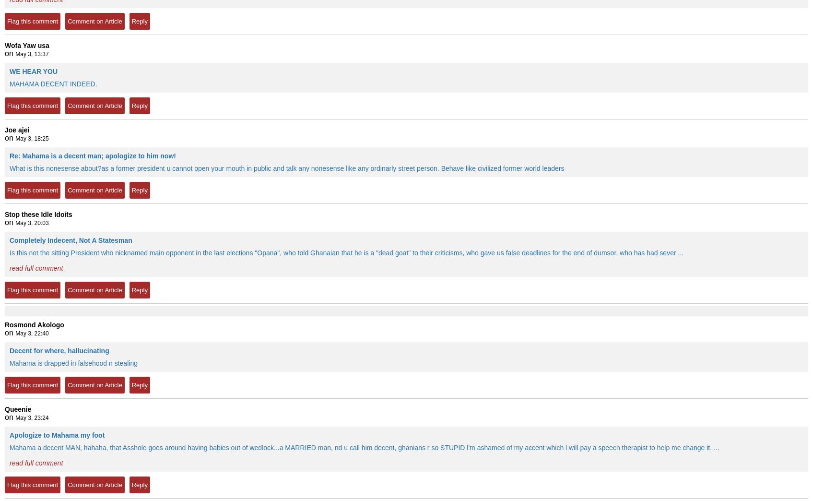  I want to click on 'What is this nonesense about?as a former president u cannot open your mouth in public and talk any nonesense like any ordinarly street person. Behave like civilized former world leaders', so click(286, 168).